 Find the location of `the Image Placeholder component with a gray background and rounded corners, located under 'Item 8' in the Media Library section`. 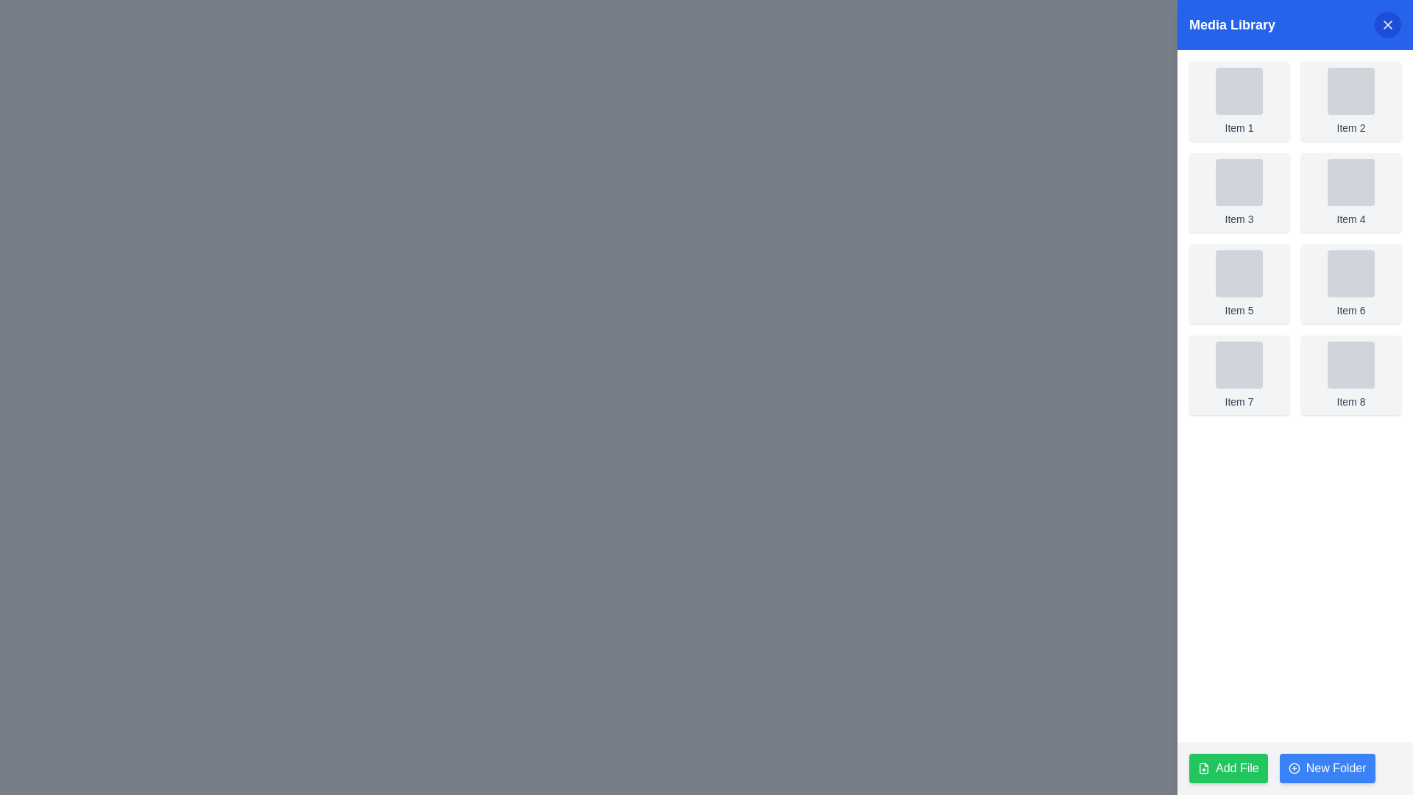

the Image Placeholder component with a gray background and rounded corners, located under 'Item 8' in the Media Library section is located at coordinates (1351, 364).